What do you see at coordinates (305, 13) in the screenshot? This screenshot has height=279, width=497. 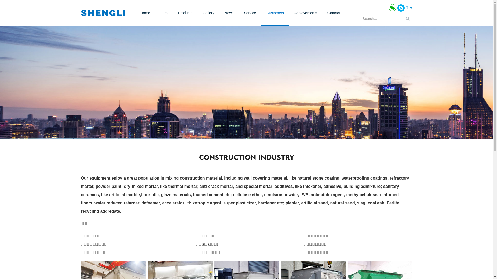 I see `'Achievements'` at bounding box center [305, 13].